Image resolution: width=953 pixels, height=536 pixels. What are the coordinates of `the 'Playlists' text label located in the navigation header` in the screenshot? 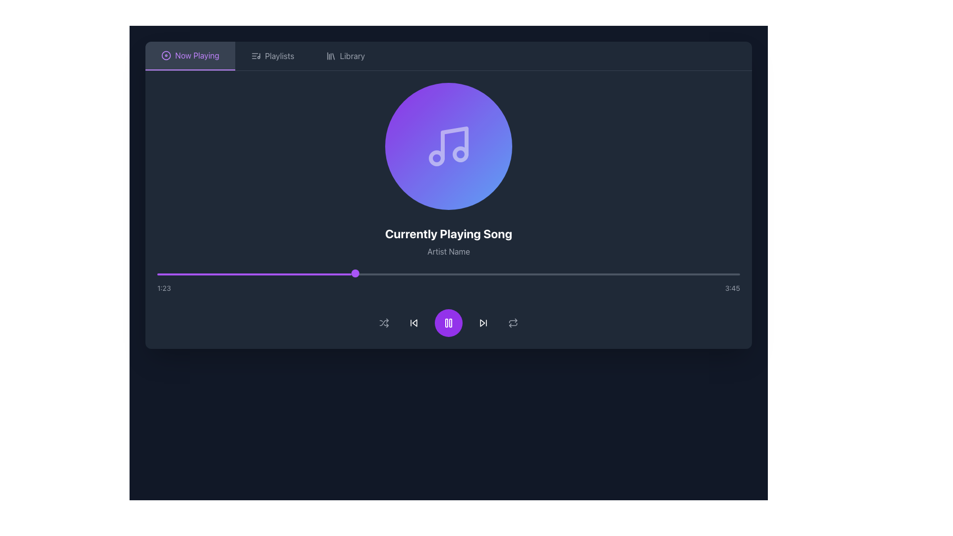 It's located at (279, 56).